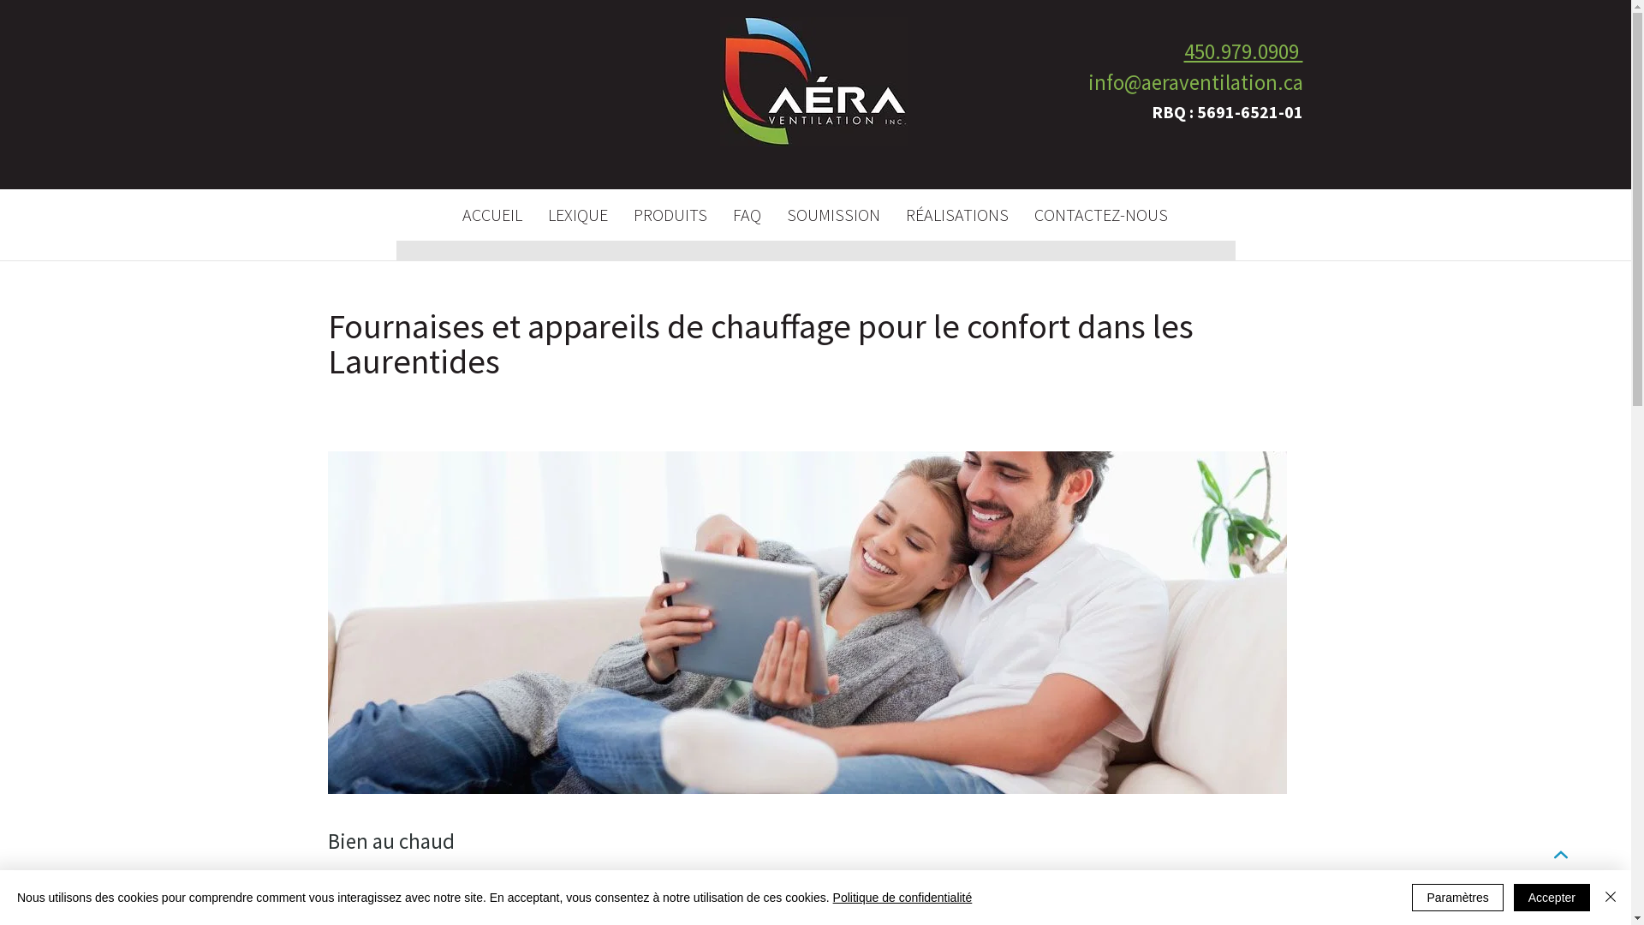 Image resolution: width=1644 pixels, height=925 pixels. I want to click on 'CONTACTEZ-NOUS', so click(1100, 213).